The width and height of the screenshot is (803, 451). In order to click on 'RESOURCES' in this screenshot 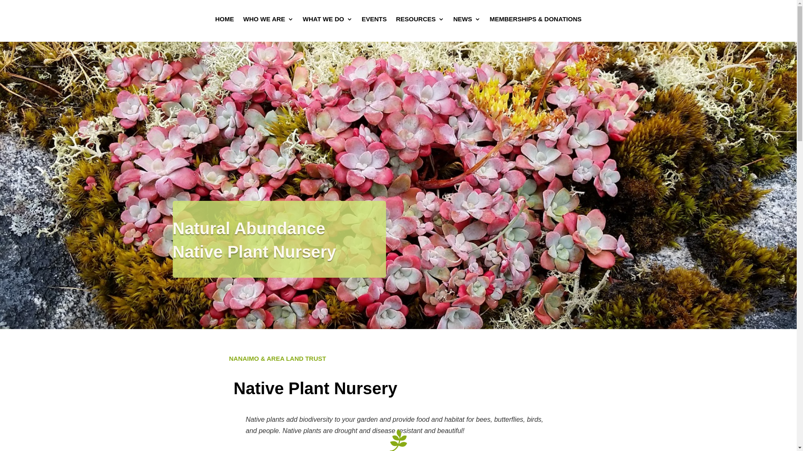, I will do `click(420, 20)`.